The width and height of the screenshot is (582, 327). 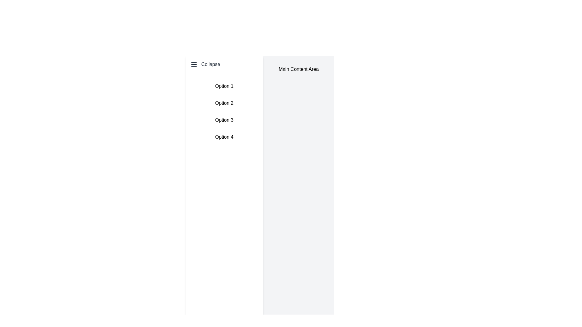 What do you see at coordinates (211, 64) in the screenshot?
I see `the text label located to the right of the menu icon` at bounding box center [211, 64].